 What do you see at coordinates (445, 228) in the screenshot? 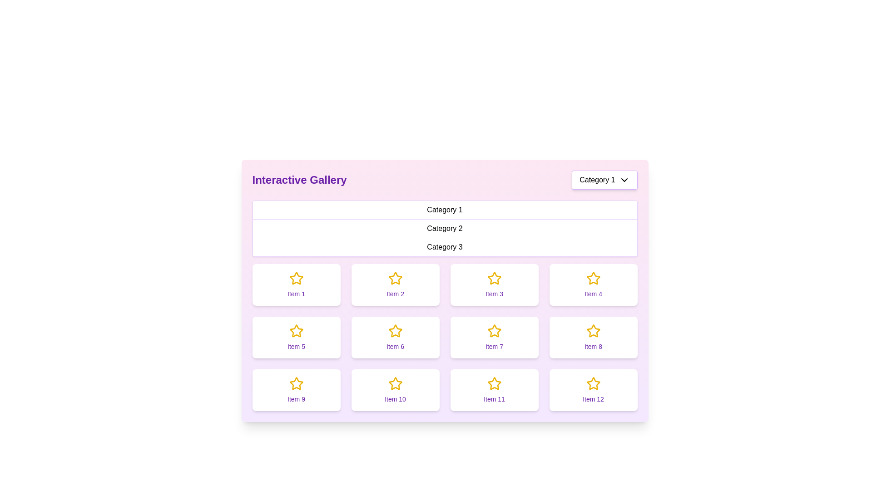
I see `the list item labeled 'Category 2'` at bounding box center [445, 228].